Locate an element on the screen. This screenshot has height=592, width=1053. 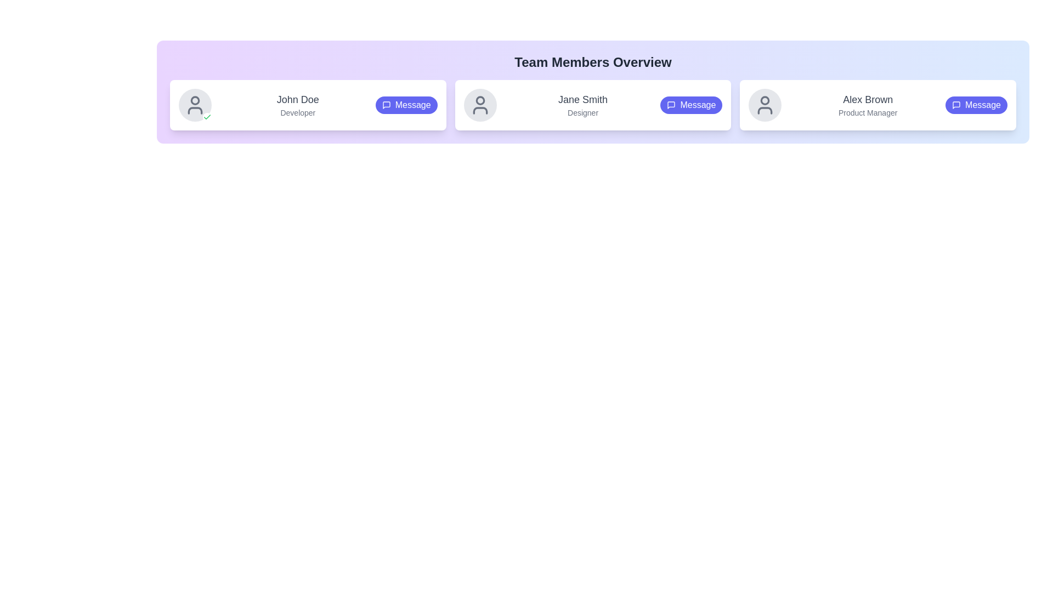
the pill-shaped purple button labeled 'Message' with a messaging bubble icon, located in the 'Team Members Overview' section under the card for 'John Doe, Developer' is located at coordinates (406, 105).